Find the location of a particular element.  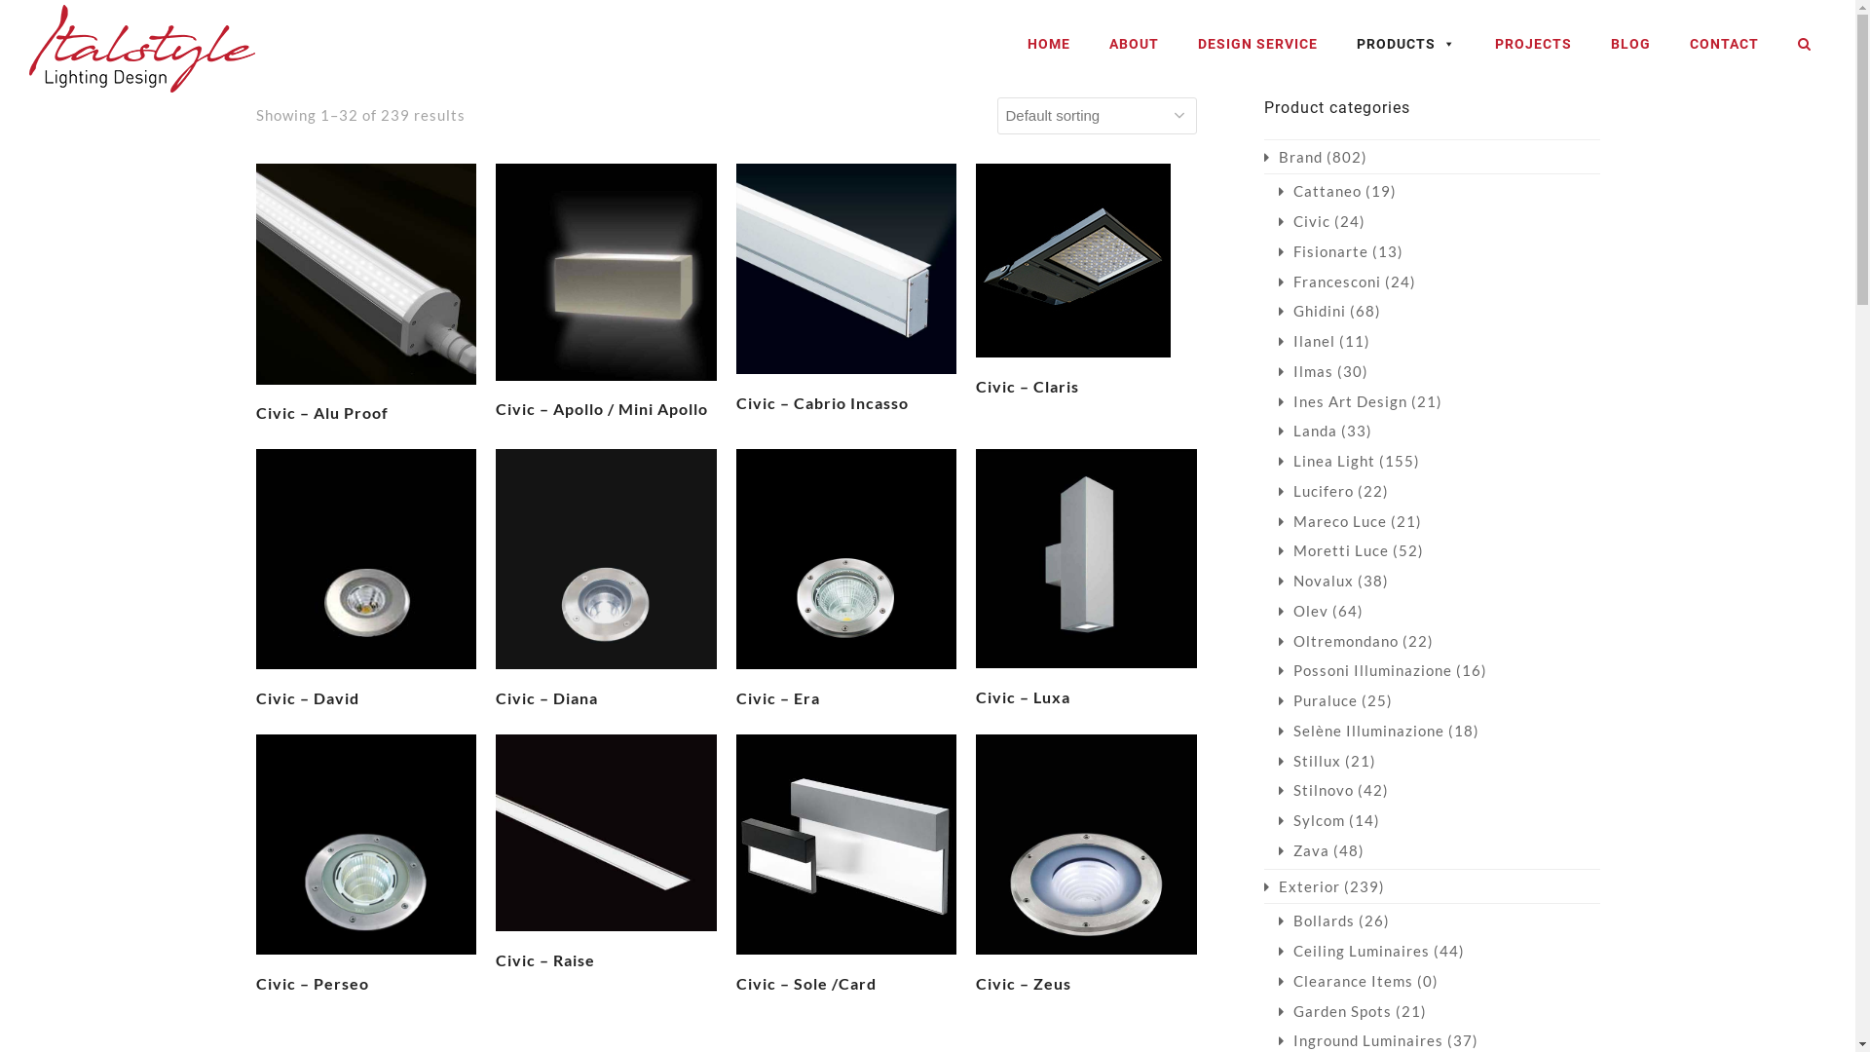

'Lucifero' is located at coordinates (1277, 490).